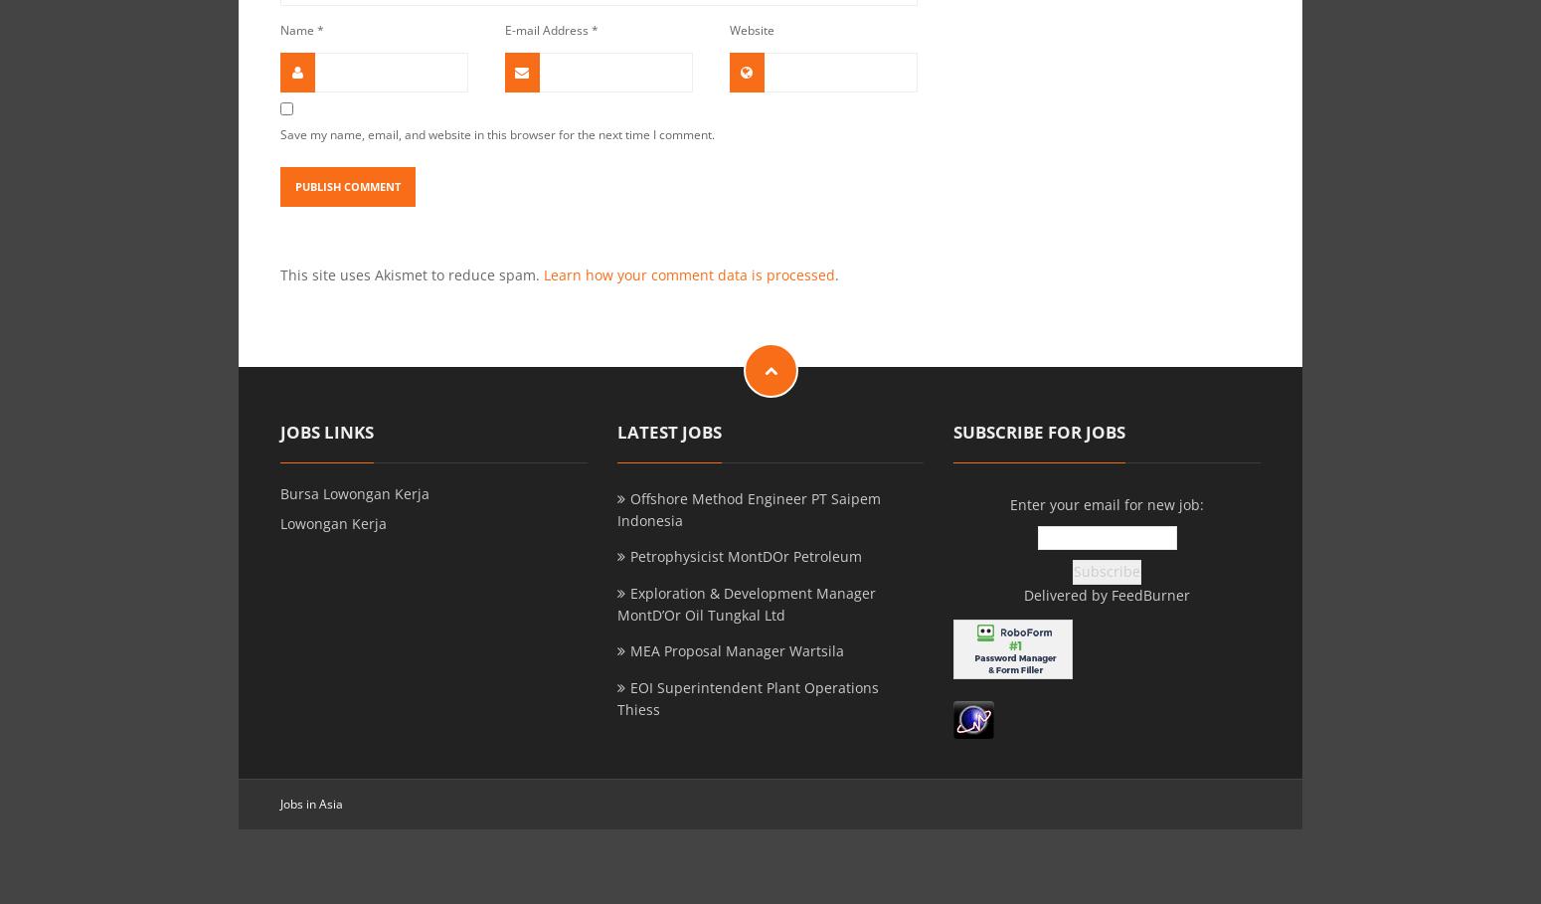 Image resolution: width=1541 pixels, height=904 pixels. Describe the element at coordinates (1010, 502) in the screenshot. I see `'Enter your email for new job:'` at that location.